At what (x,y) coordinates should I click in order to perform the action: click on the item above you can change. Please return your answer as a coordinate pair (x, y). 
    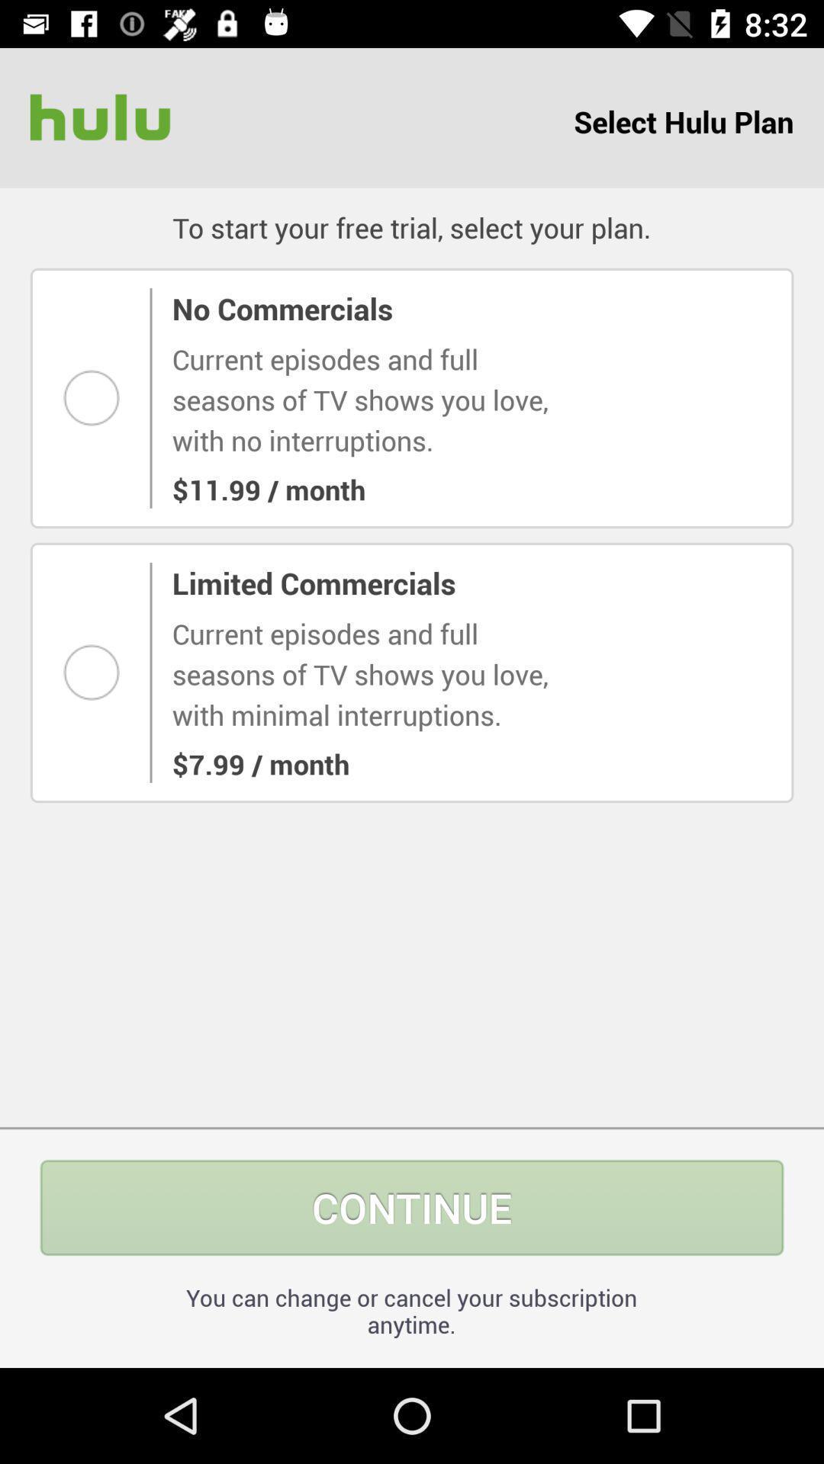
    Looking at the image, I should click on (412, 1207).